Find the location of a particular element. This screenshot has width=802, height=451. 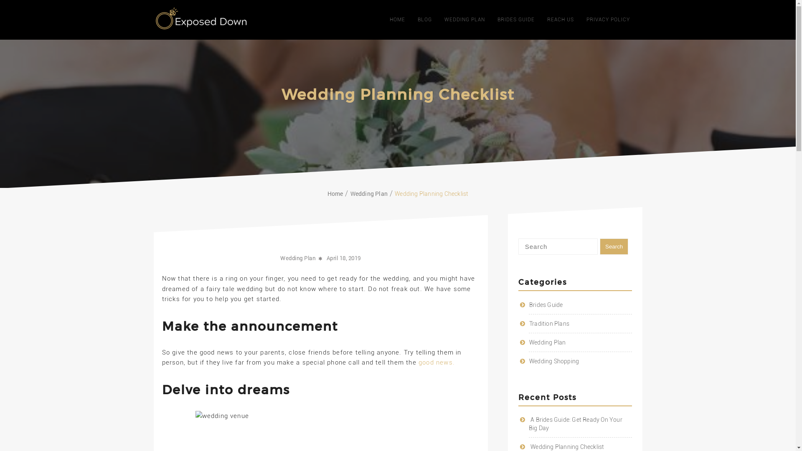

'PRIVACY POLICY' is located at coordinates (608, 19).